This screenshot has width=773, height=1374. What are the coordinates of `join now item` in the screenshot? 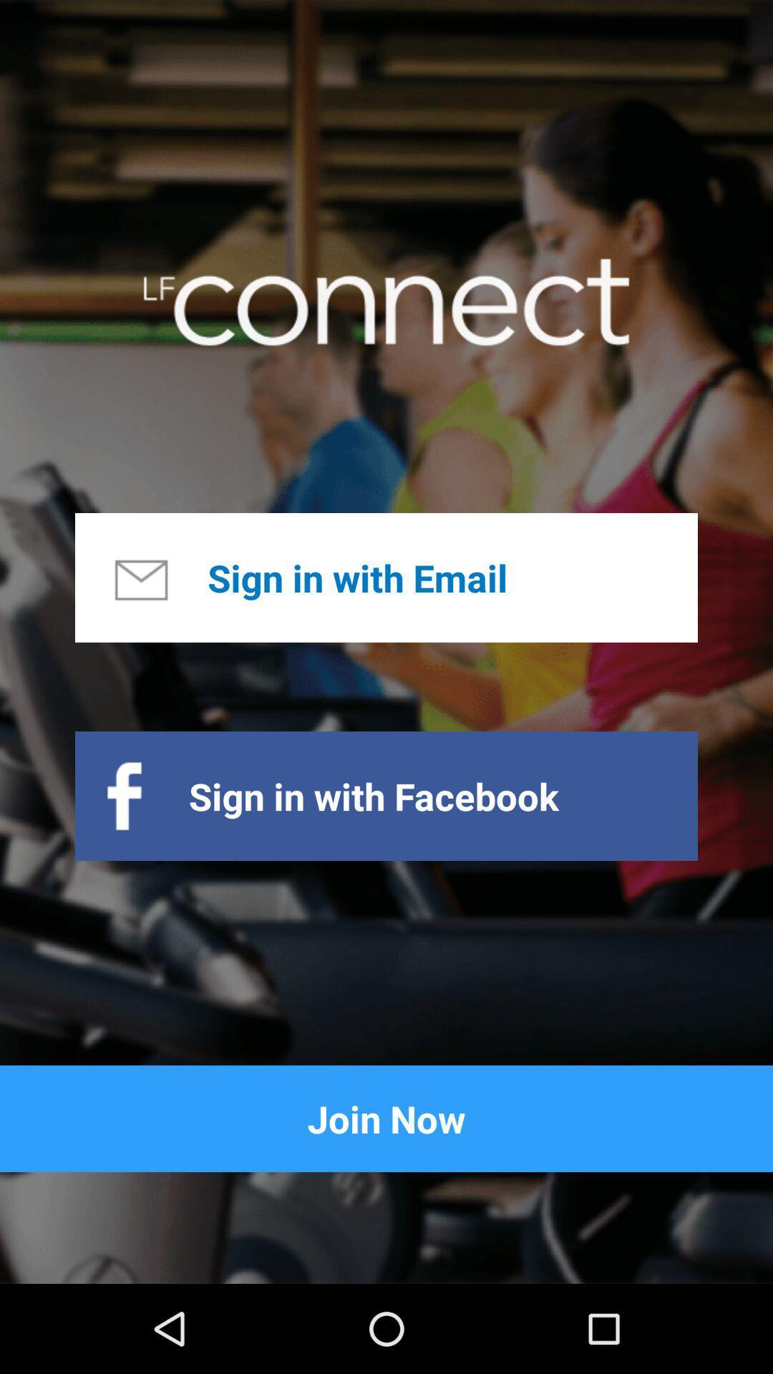 It's located at (386, 1118).